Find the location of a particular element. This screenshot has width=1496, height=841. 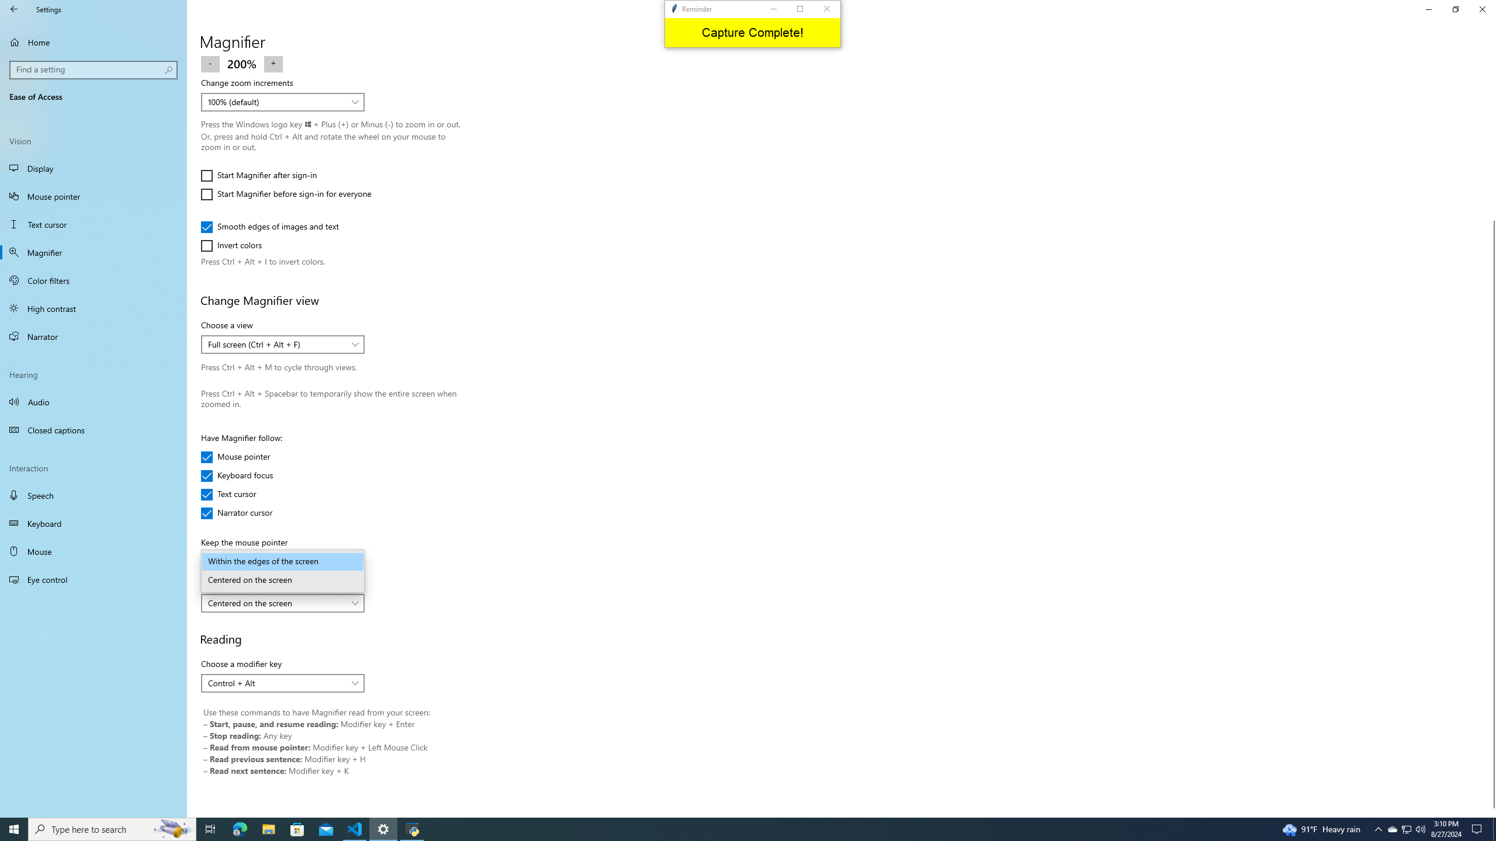

'Control + Alt' is located at coordinates (276, 683).